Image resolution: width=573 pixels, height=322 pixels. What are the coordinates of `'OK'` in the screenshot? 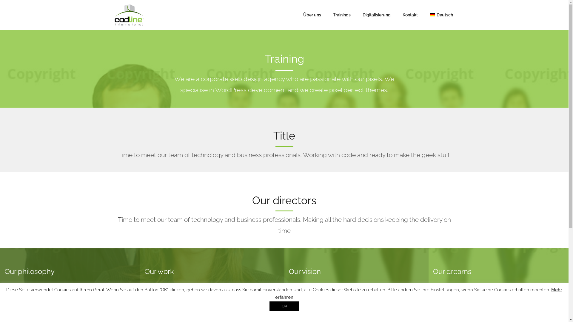 It's located at (284, 306).